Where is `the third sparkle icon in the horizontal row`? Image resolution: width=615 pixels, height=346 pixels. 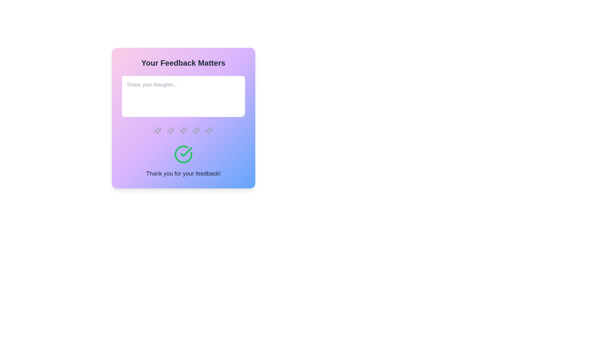
the third sparkle icon in the horizontal row is located at coordinates (196, 130).